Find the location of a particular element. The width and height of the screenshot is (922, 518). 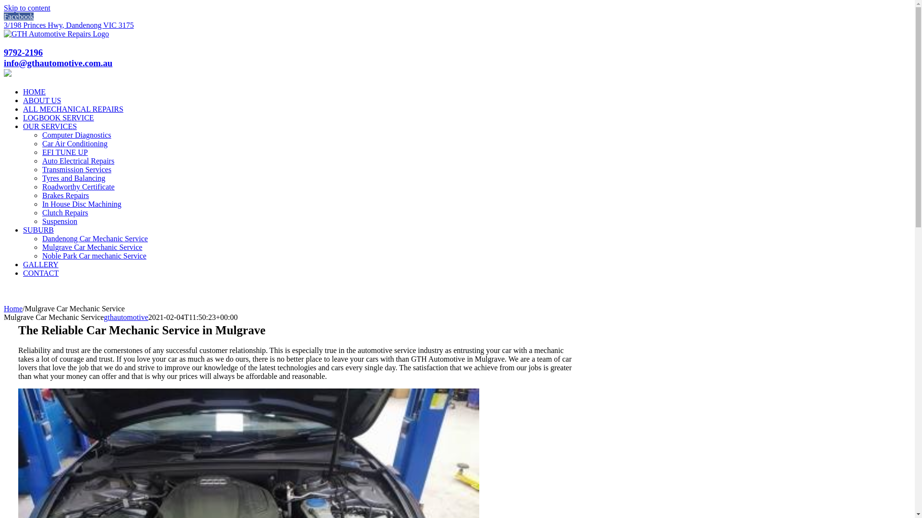

'Dandenong Car Mechanic Service' is located at coordinates (95, 238).